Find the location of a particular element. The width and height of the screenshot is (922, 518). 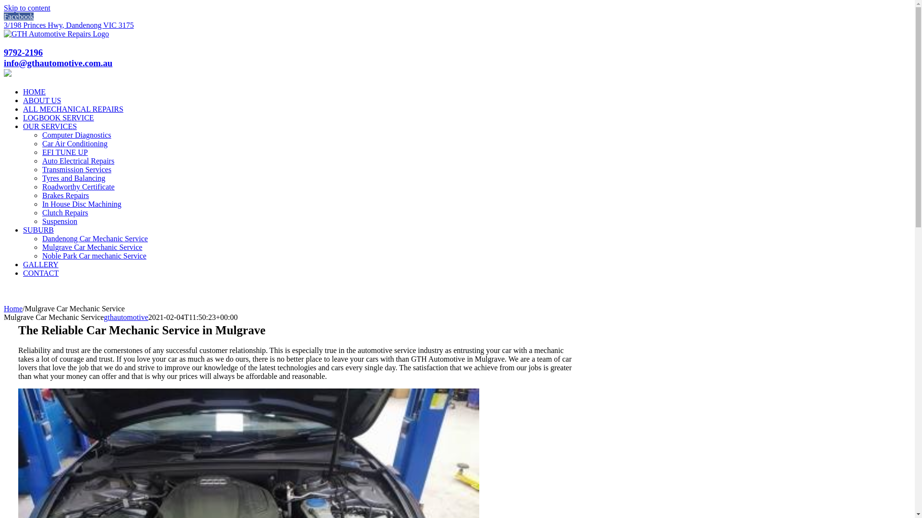

'Dandenong Car Mechanic Service' is located at coordinates (95, 238).